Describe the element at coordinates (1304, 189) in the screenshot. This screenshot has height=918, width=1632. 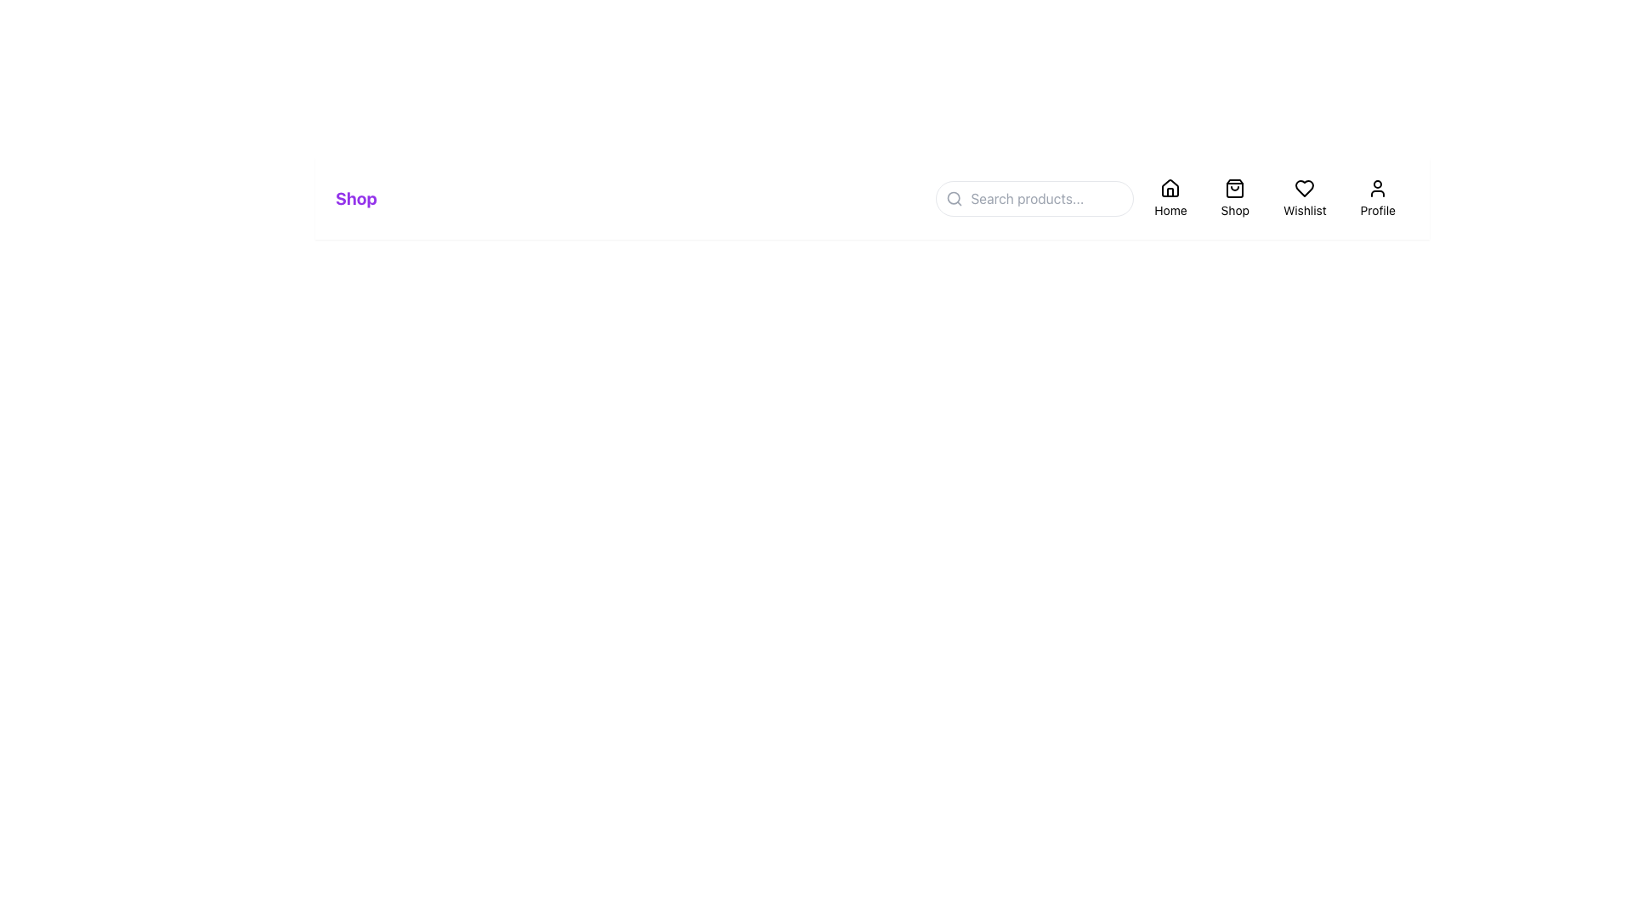
I see `the 'Wishlist' icon located in the top navigation bar, which is the third icon from the left` at that location.